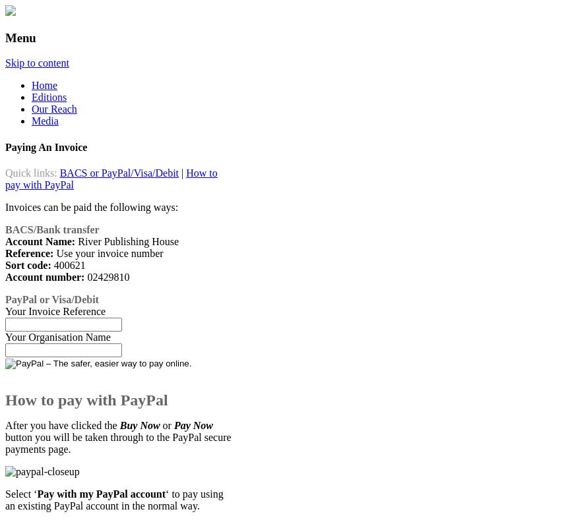  I want to click on 'button you will be taken through to the PayPal secure payments page.', so click(117, 442).